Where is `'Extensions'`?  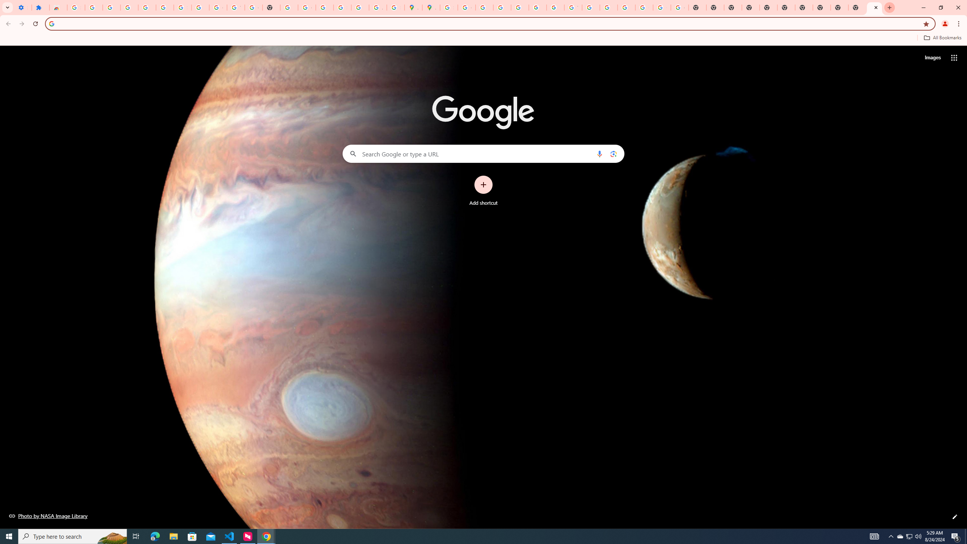 'Extensions' is located at coordinates (40, 7).